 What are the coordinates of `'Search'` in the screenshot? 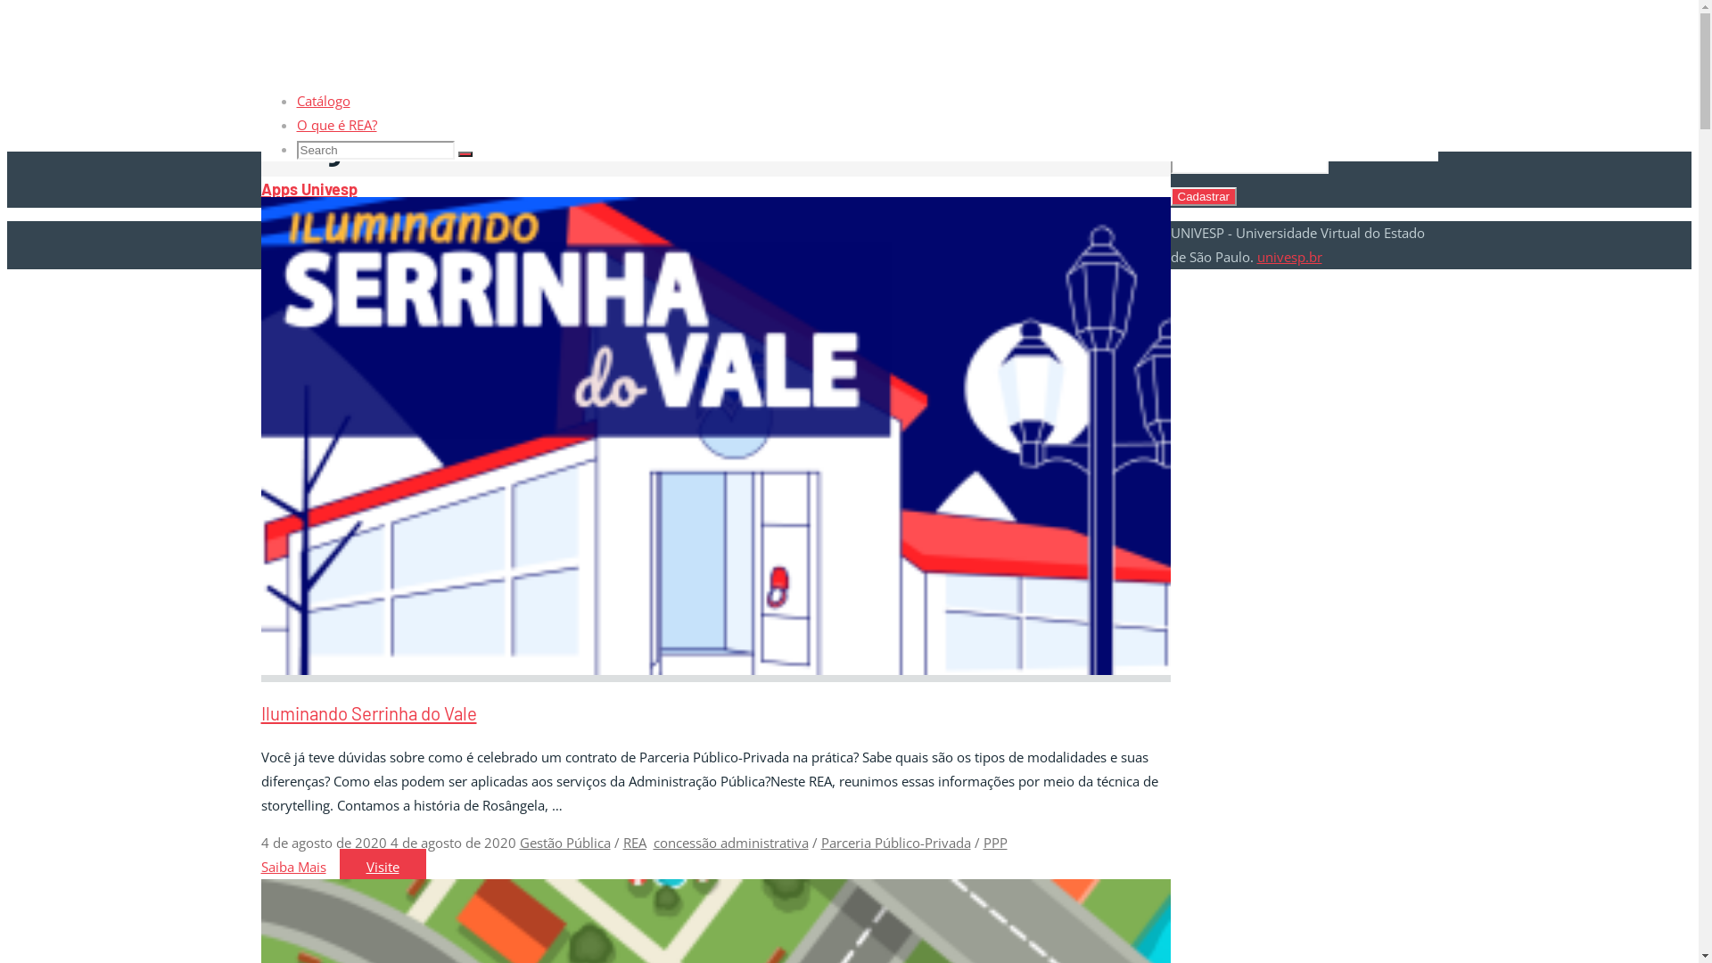 It's located at (465, 153).